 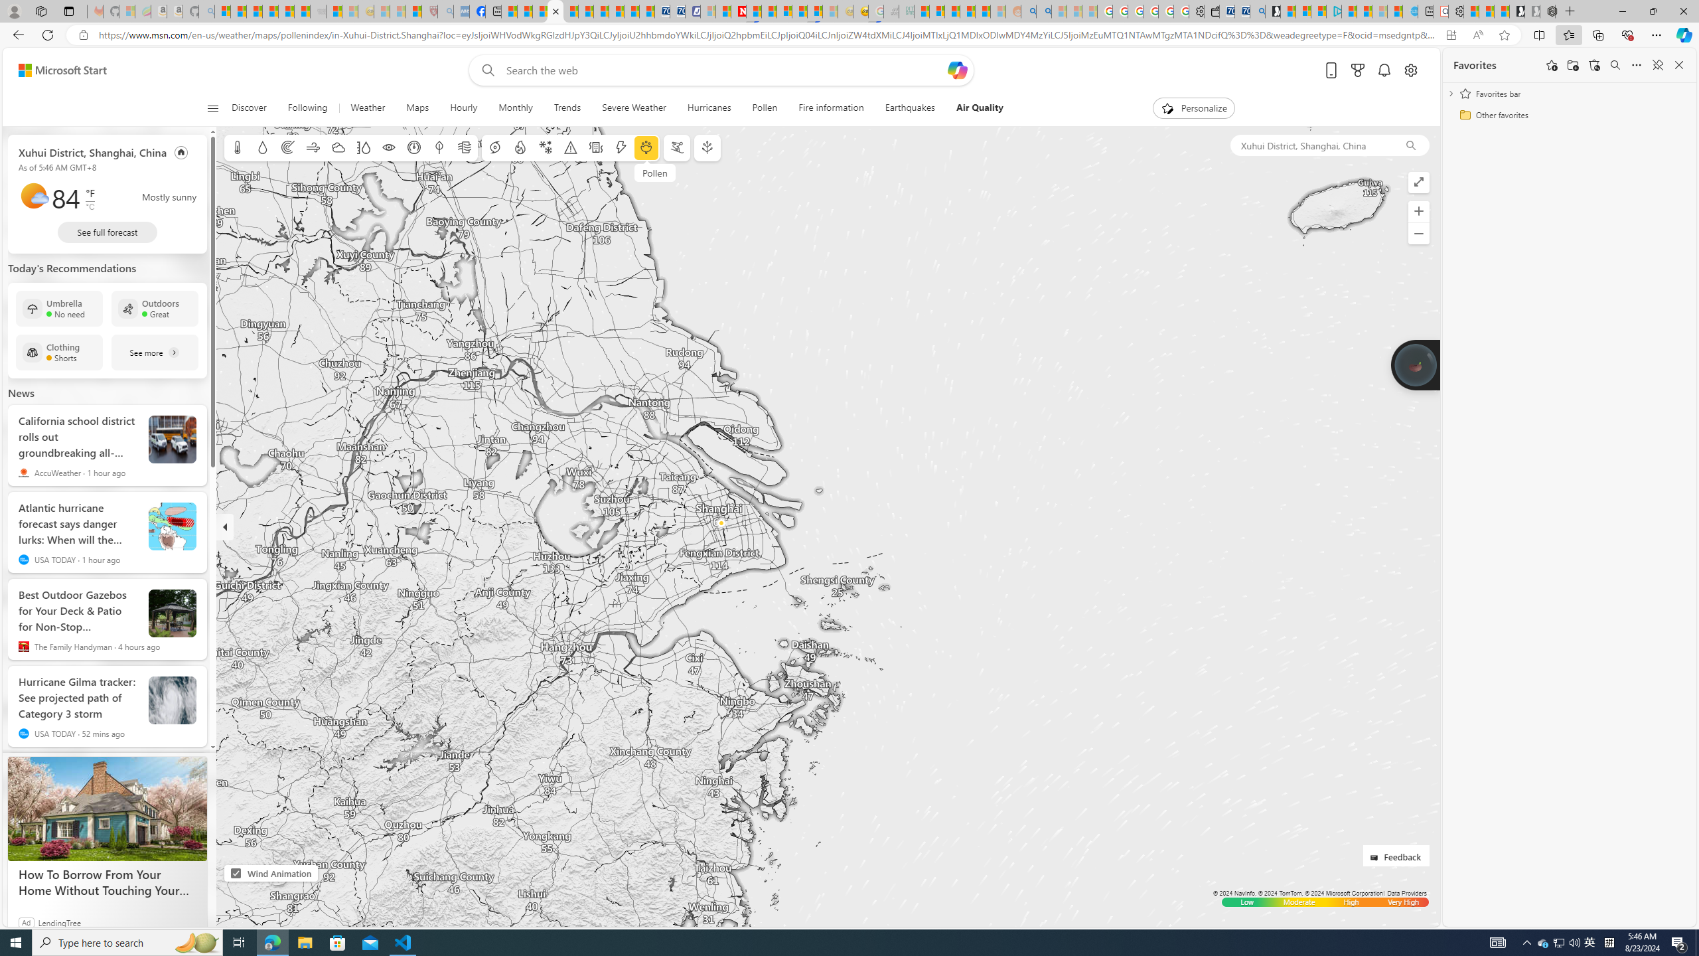 I want to click on 'Bing Real Estate - Home sales and rental listings', so click(x=1256, y=11).